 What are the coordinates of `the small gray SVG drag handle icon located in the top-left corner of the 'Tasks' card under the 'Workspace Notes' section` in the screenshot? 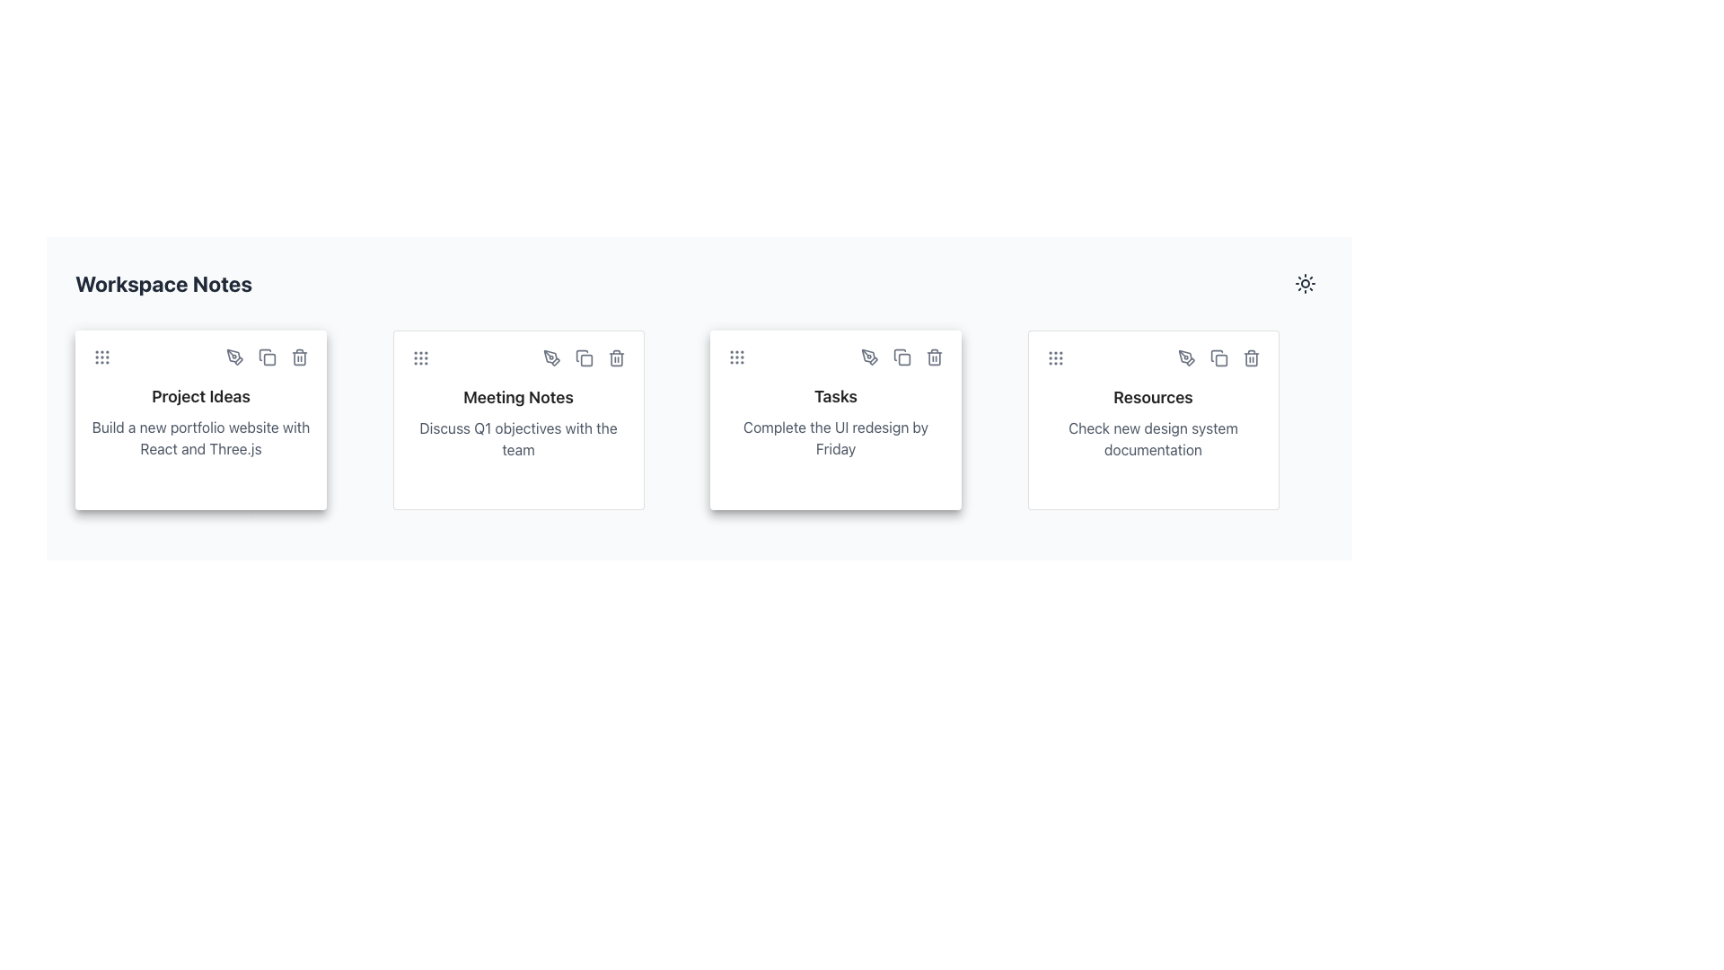 It's located at (736, 357).